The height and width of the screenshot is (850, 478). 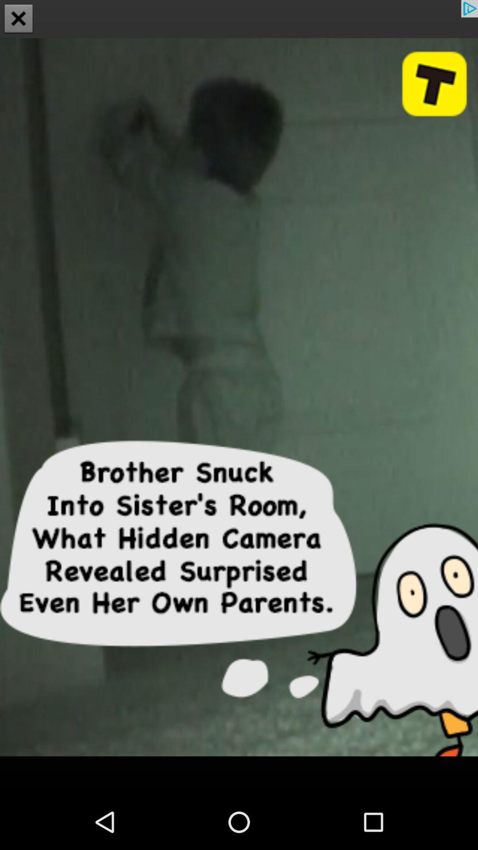 What do you see at coordinates (19, 19) in the screenshot?
I see `the close icon` at bounding box center [19, 19].